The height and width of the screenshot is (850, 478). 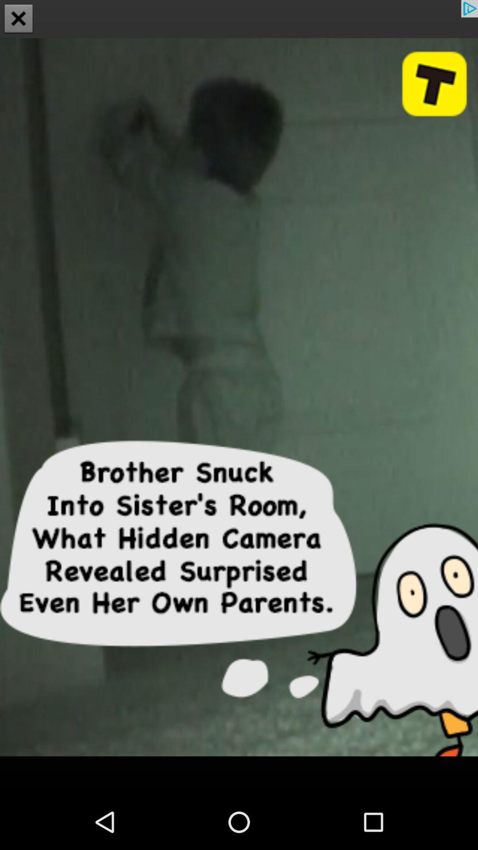 What do you see at coordinates (19, 19) in the screenshot?
I see `the close icon` at bounding box center [19, 19].